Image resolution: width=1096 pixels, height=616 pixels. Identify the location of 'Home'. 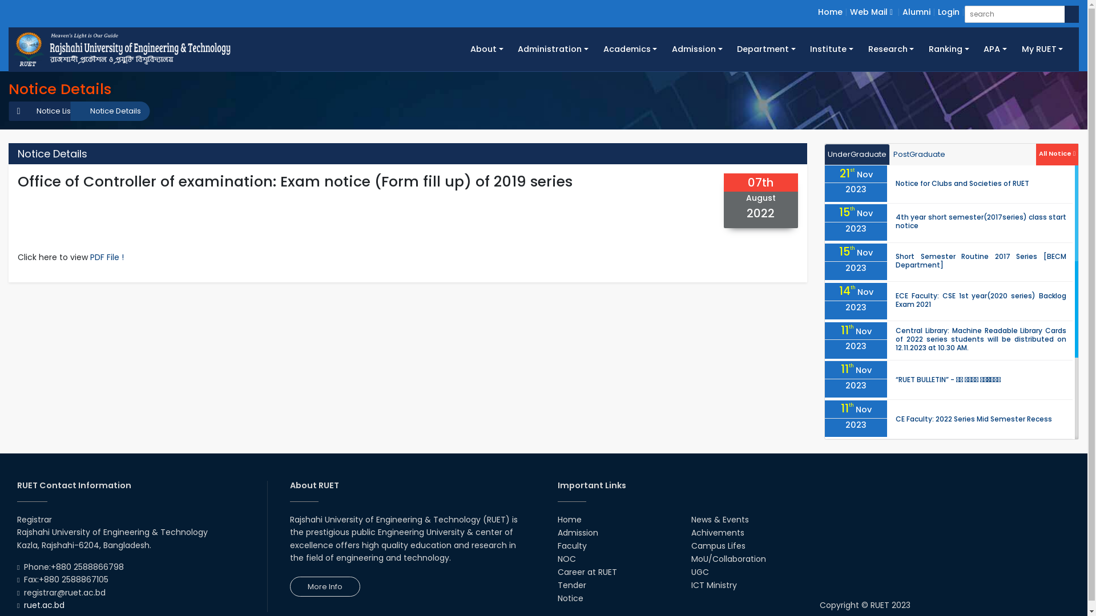
(830, 11).